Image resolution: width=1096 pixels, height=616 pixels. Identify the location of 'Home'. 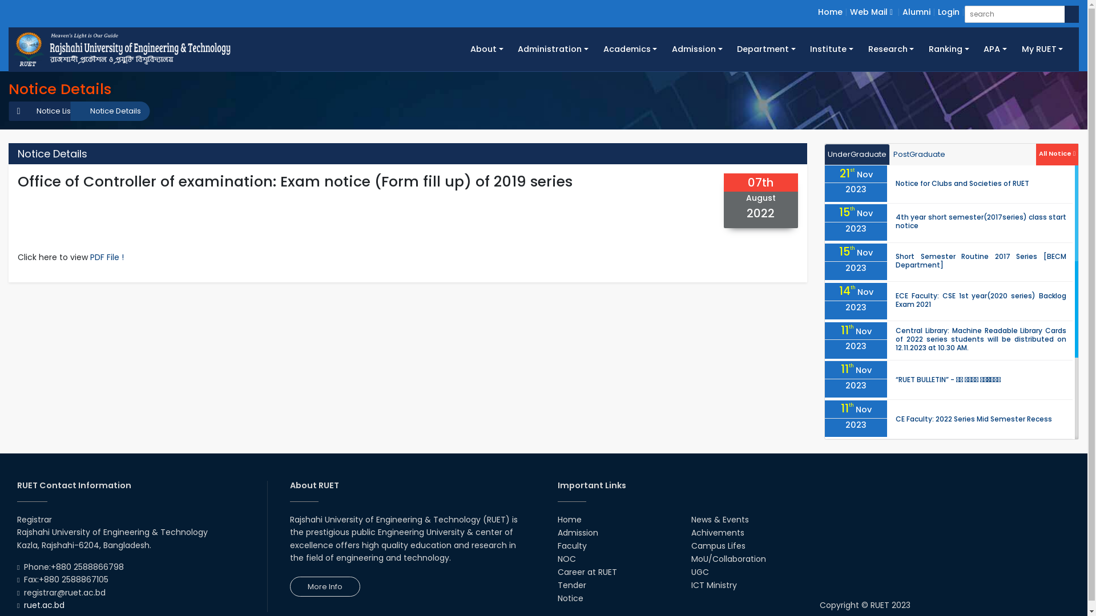
(830, 11).